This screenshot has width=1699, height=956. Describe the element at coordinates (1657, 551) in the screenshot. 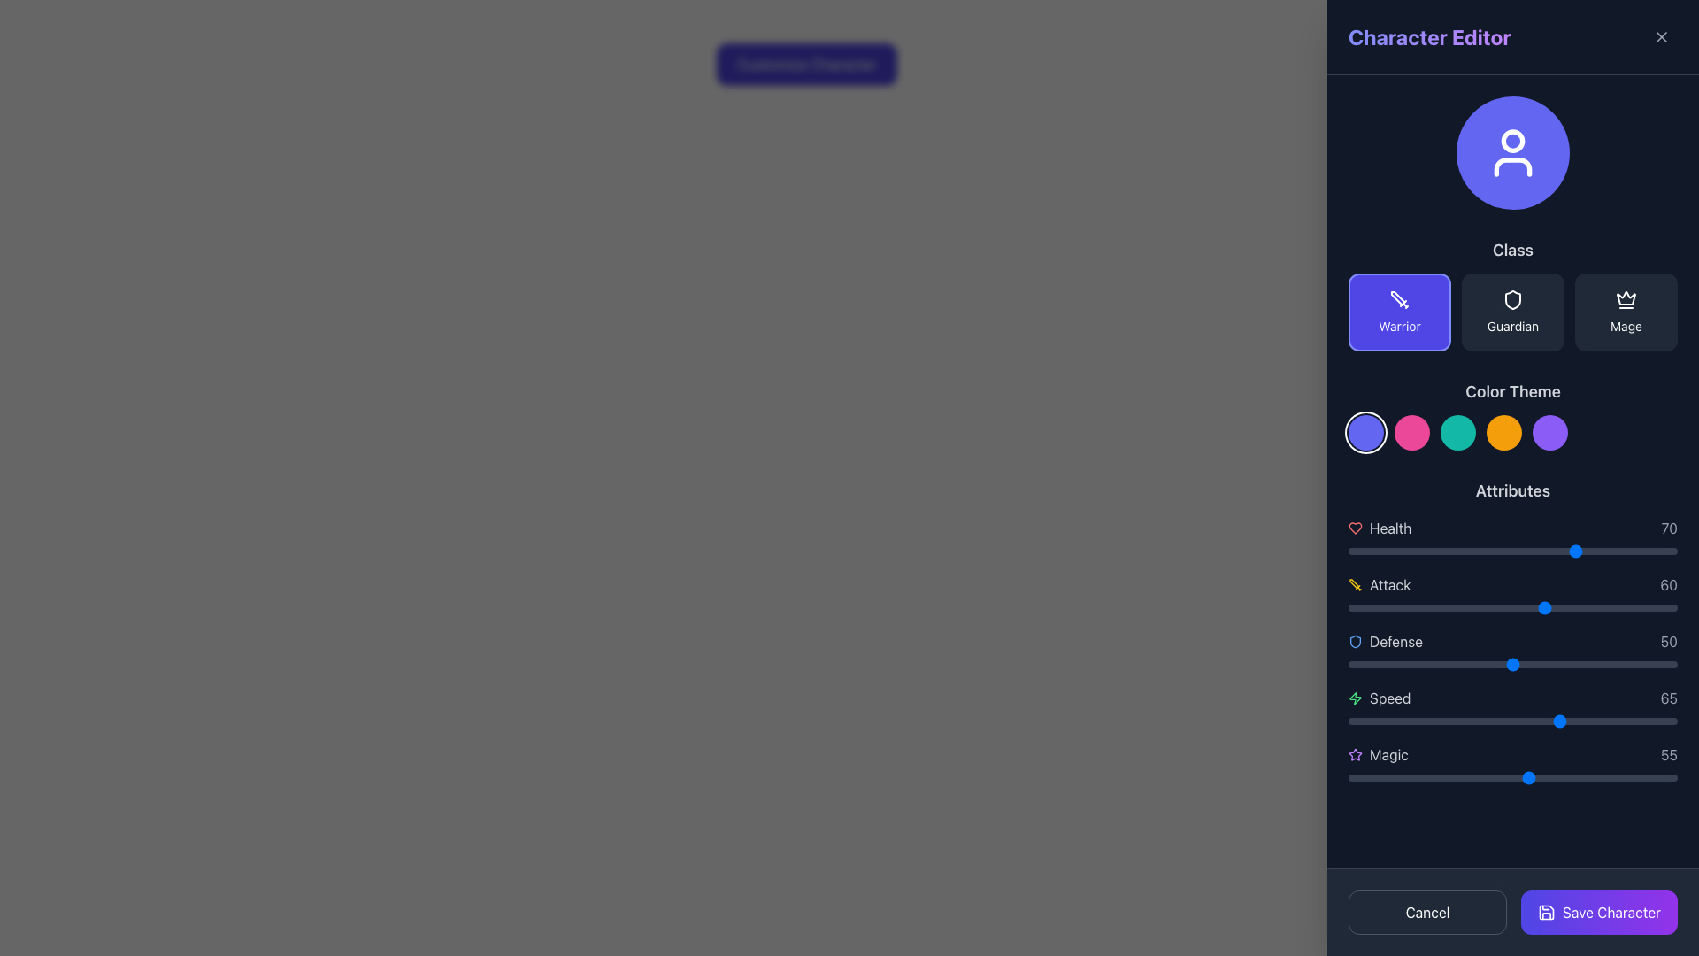

I see `health level` at that location.